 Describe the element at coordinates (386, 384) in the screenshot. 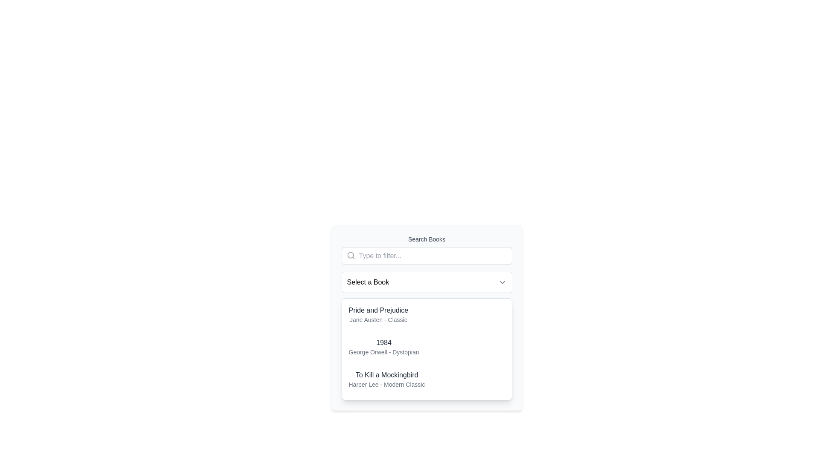

I see `text label that displays 'Harper Lee - Modern Classic', which is positioned below the title 'To Kill a Mockingbird' in the card element containing book information` at that location.